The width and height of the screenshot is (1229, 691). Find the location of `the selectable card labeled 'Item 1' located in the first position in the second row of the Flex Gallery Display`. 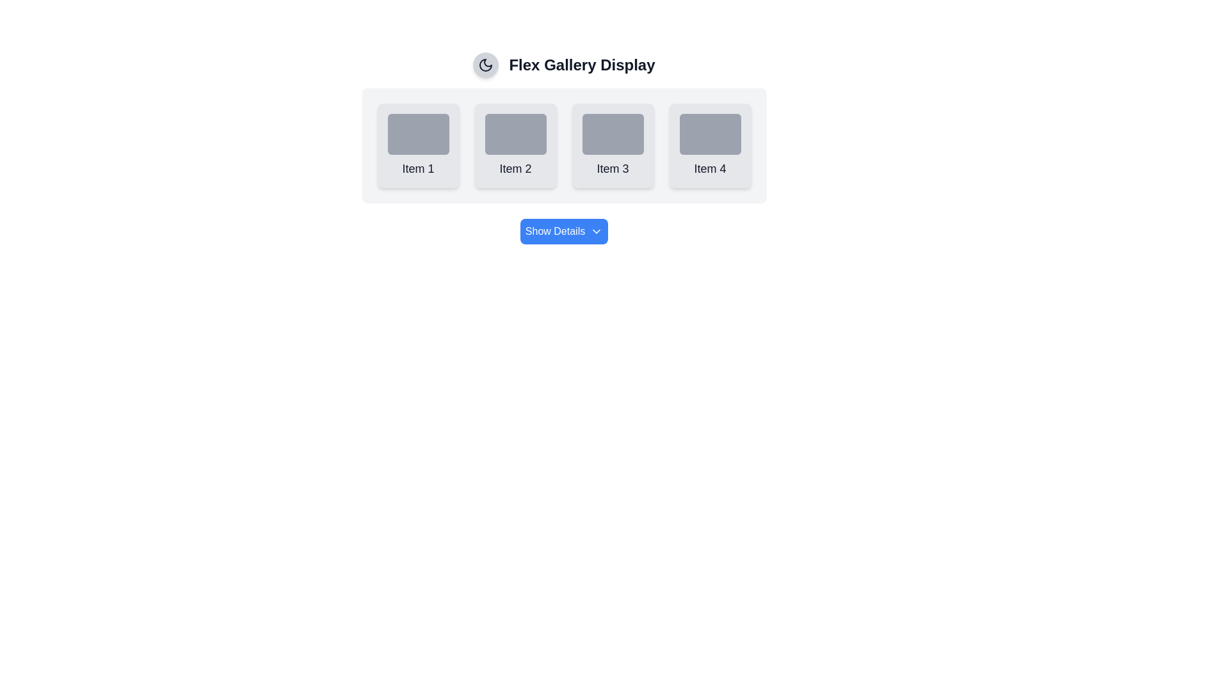

the selectable card labeled 'Item 1' located in the first position in the second row of the Flex Gallery Display is located at coordinates (418, 145).